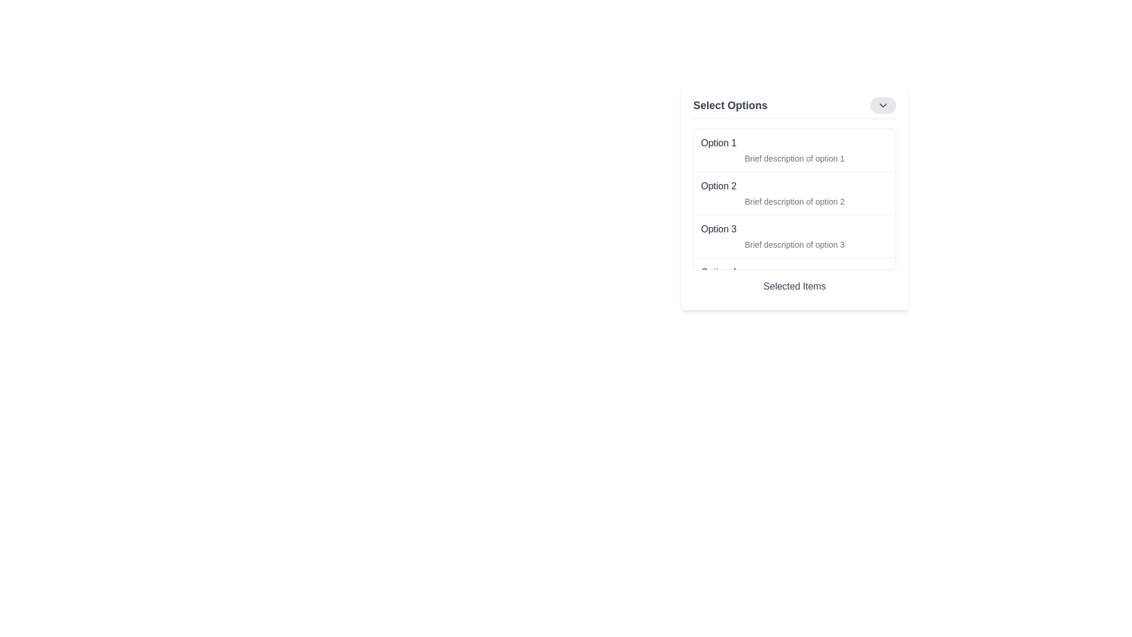 Image resolution: width=1132 pixels, height=637 pixels. I want to click on the third list item in the dropdown menu, so click(795, 236).